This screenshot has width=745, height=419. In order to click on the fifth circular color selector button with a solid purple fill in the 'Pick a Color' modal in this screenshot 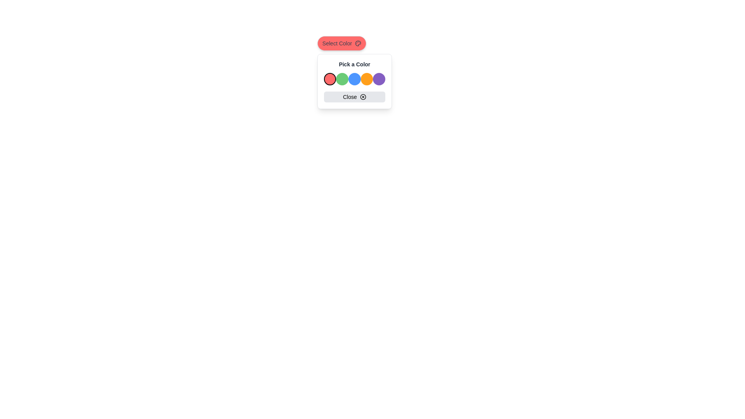, I will do `click(379, 79)`.